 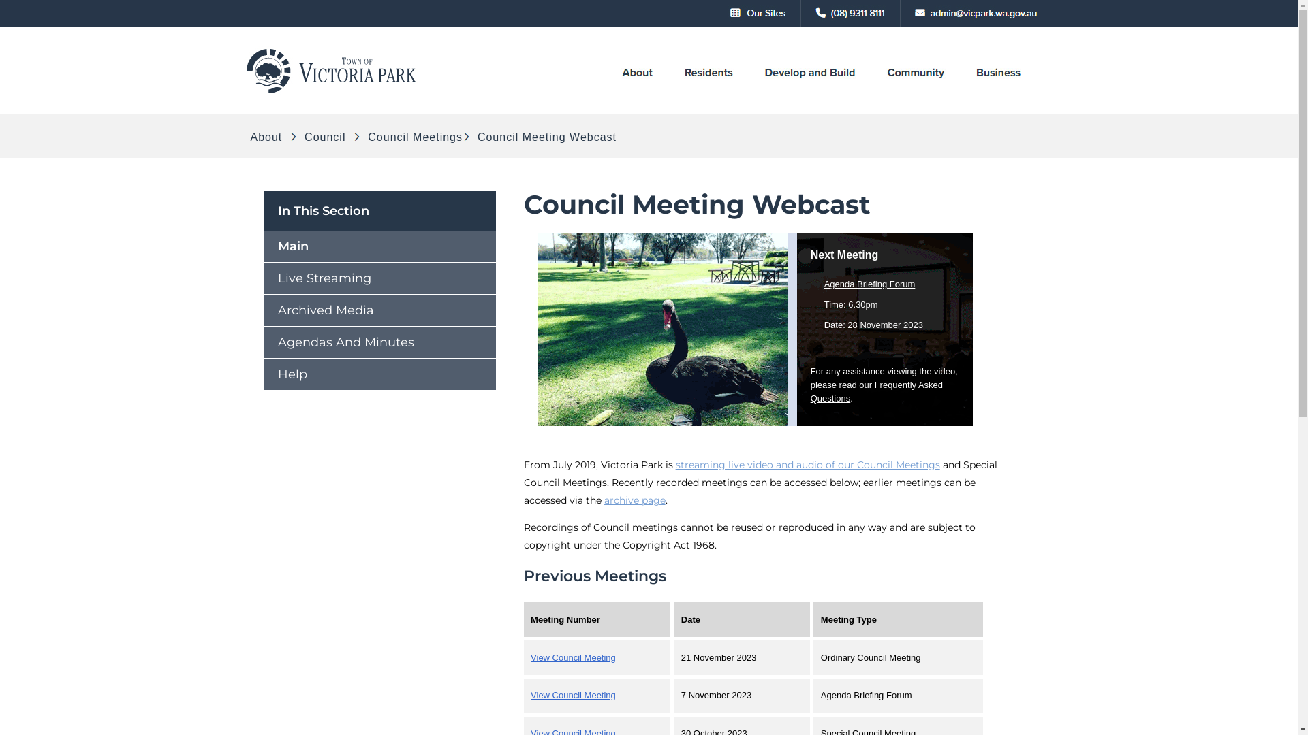 I want to click on 'Council', so click(x=300, y=137).